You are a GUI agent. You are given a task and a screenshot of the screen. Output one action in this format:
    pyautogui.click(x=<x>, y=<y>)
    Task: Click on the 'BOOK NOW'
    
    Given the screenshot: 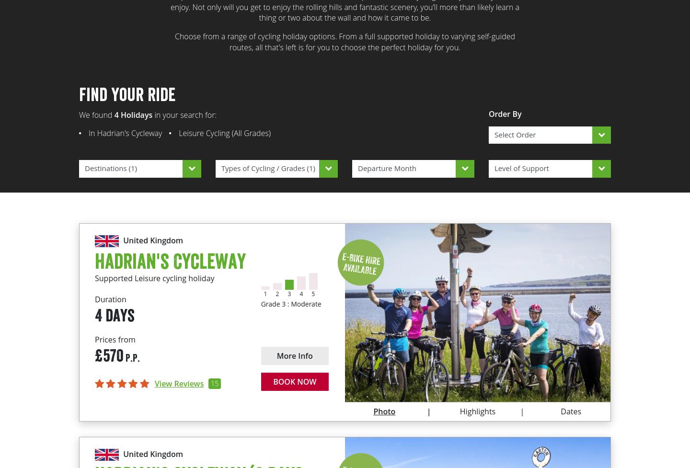 What is the action you would take?
    pyautogui.click(x=273, y=382)
    